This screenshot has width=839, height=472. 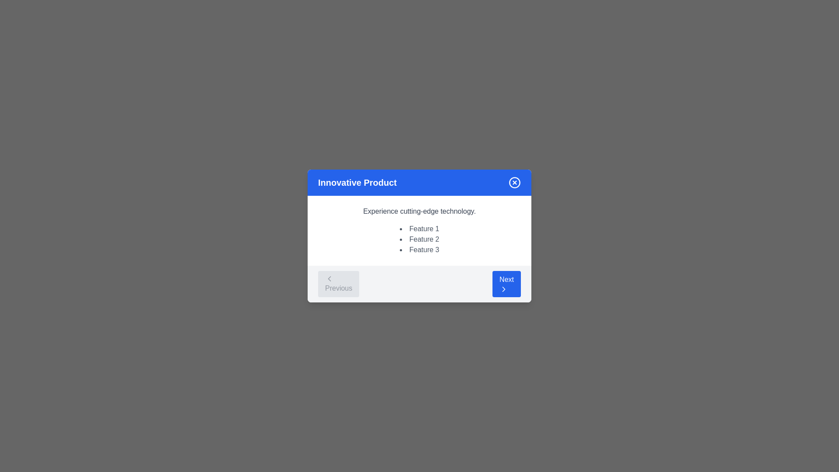 What do you see at coordinates (419, 239) in the screenshot?
I see `the Bulleted List element located below the heading 'Experience cutting-edge technology.' in the middle section of the card-like dialog box` at bounding box center [419, 239].